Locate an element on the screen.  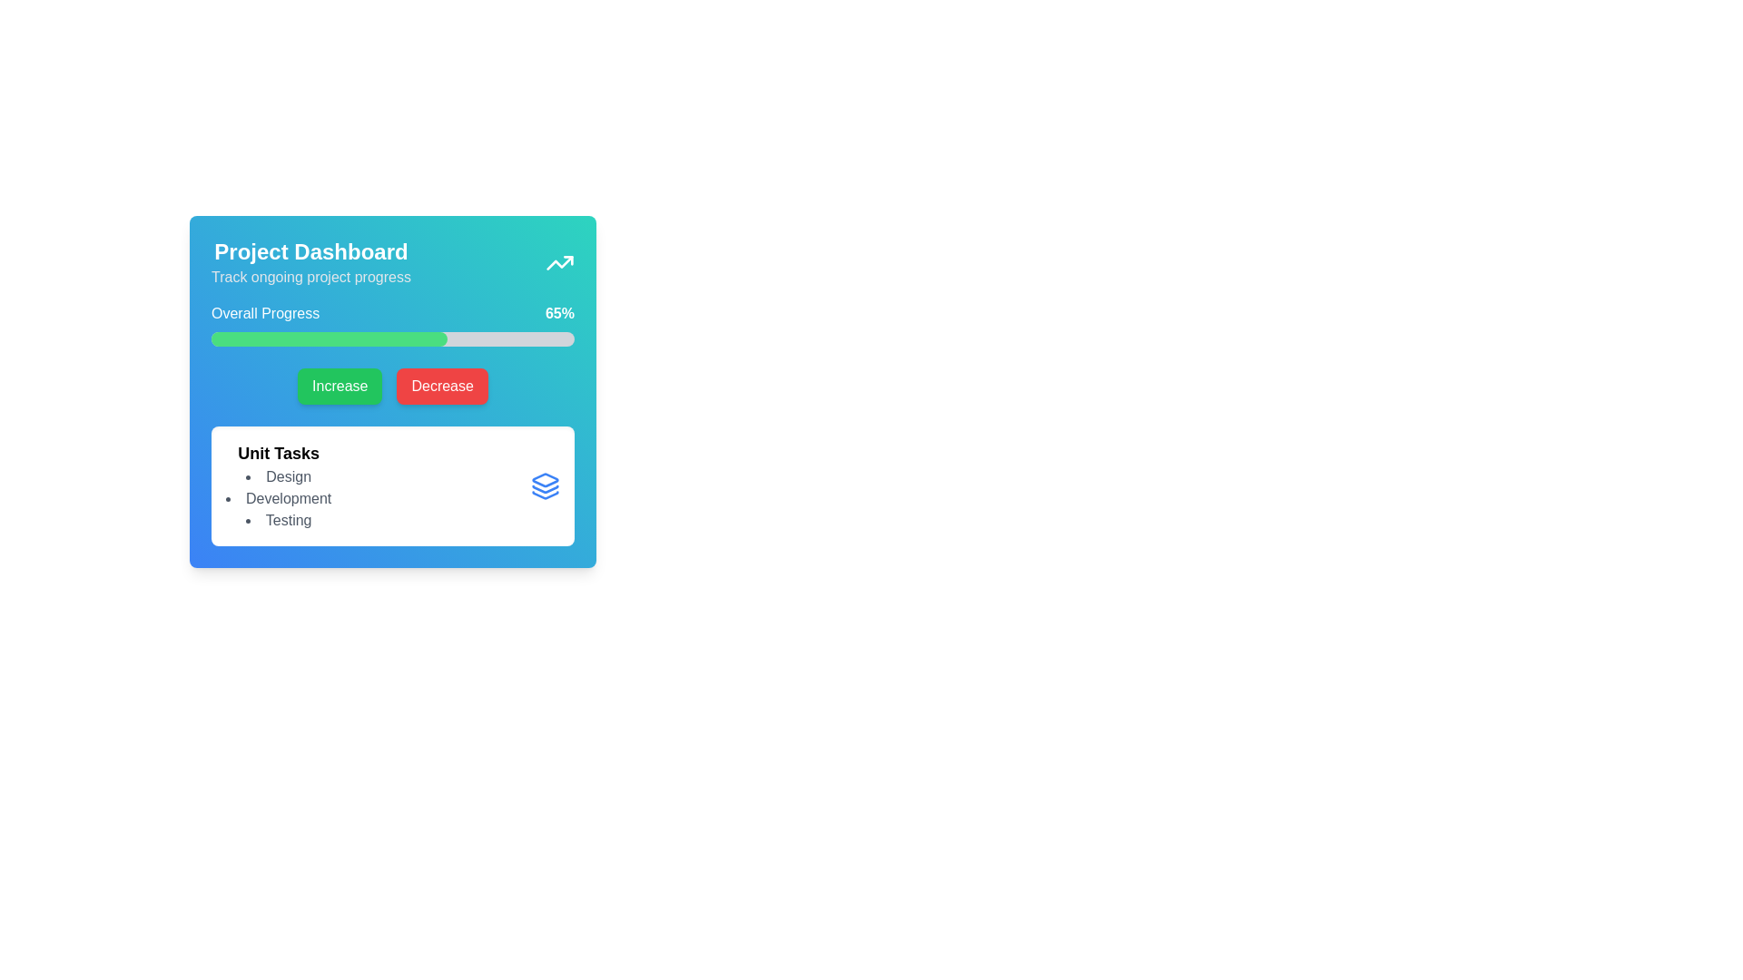
the progress bar that visually represents the task completion, located below the 'Overall Progress' label and the '65%' indicator is located at coordinates (391, 339).